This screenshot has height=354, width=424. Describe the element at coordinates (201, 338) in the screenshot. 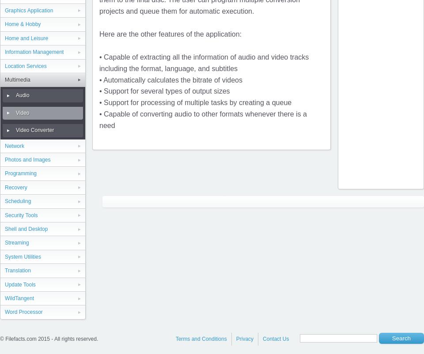

I see `'Terms and Conditions'` at that location.